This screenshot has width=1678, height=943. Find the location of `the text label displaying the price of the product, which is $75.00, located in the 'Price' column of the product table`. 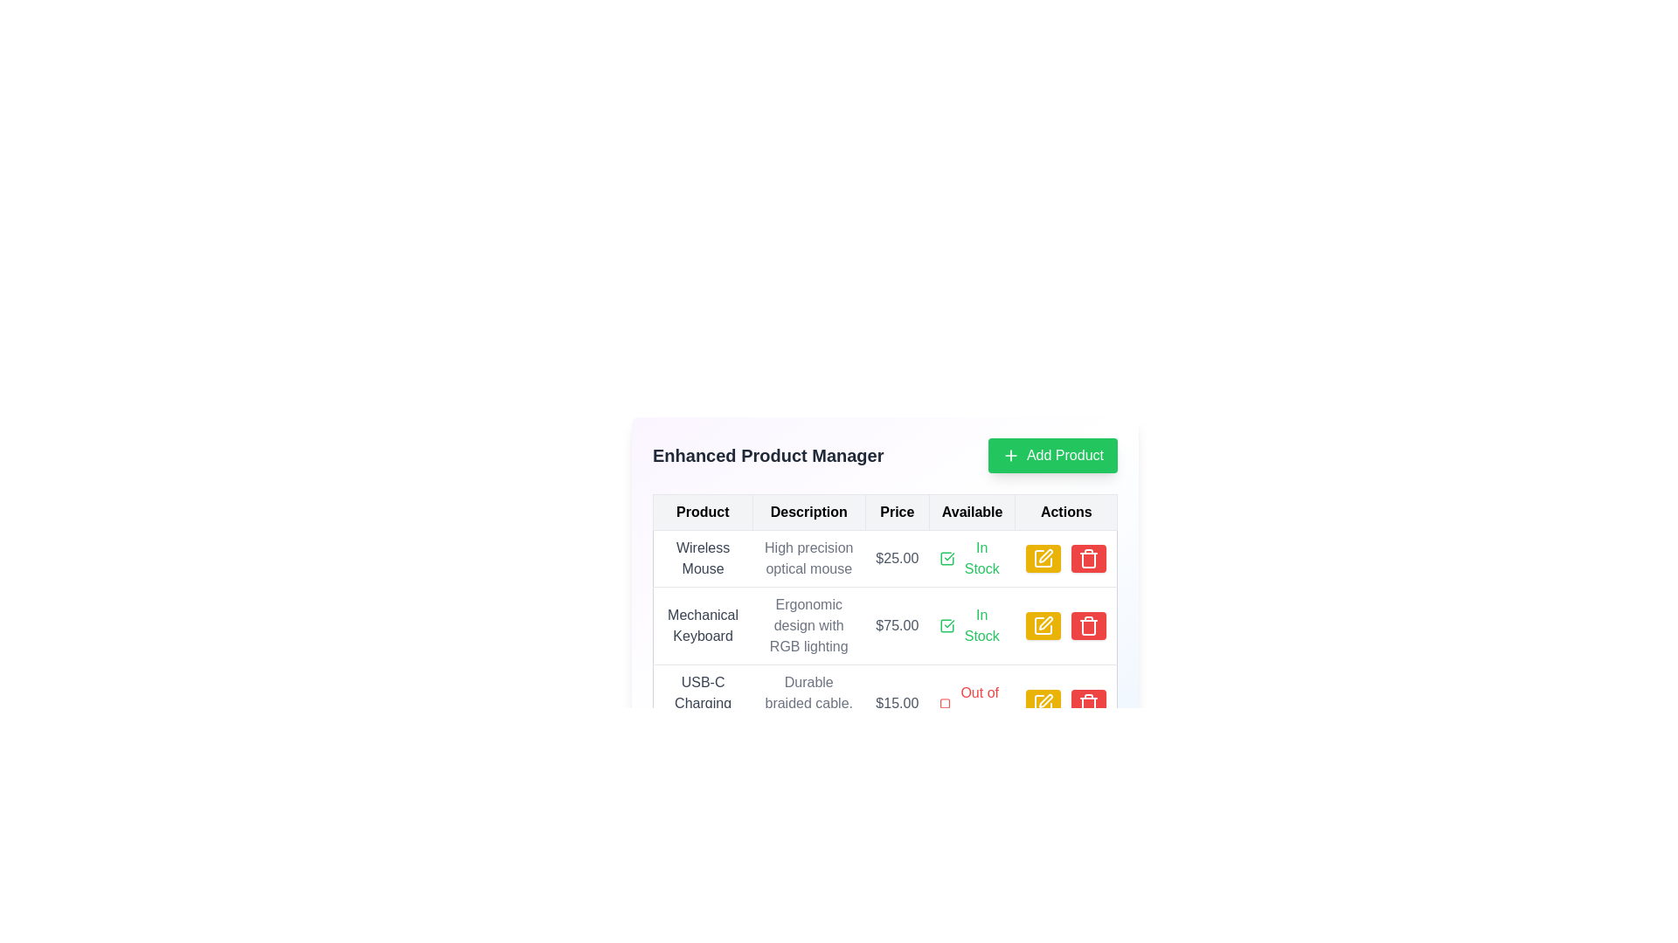

the text label displaying the price of the product, which is $75.00, located in the 'Price' column of the product table is located at coordinates (897, 625).